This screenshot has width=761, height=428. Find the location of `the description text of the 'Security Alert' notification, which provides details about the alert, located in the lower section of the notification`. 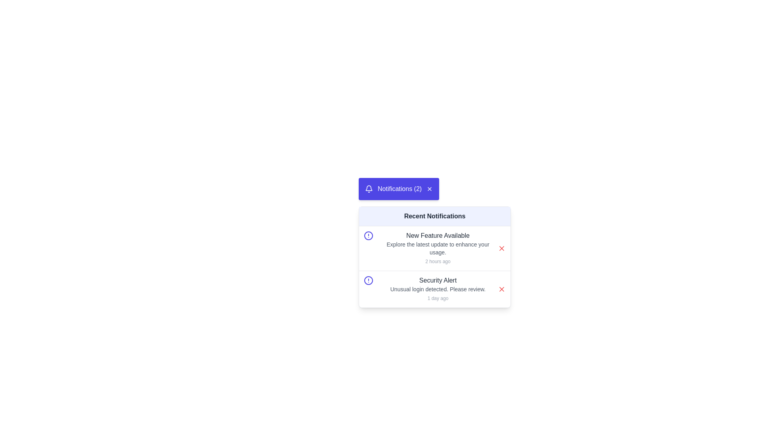

the description text of the 'Security Alert' notification, which provides details about the alert, located in the lower section of the notification is located at coordinates (437, 289).